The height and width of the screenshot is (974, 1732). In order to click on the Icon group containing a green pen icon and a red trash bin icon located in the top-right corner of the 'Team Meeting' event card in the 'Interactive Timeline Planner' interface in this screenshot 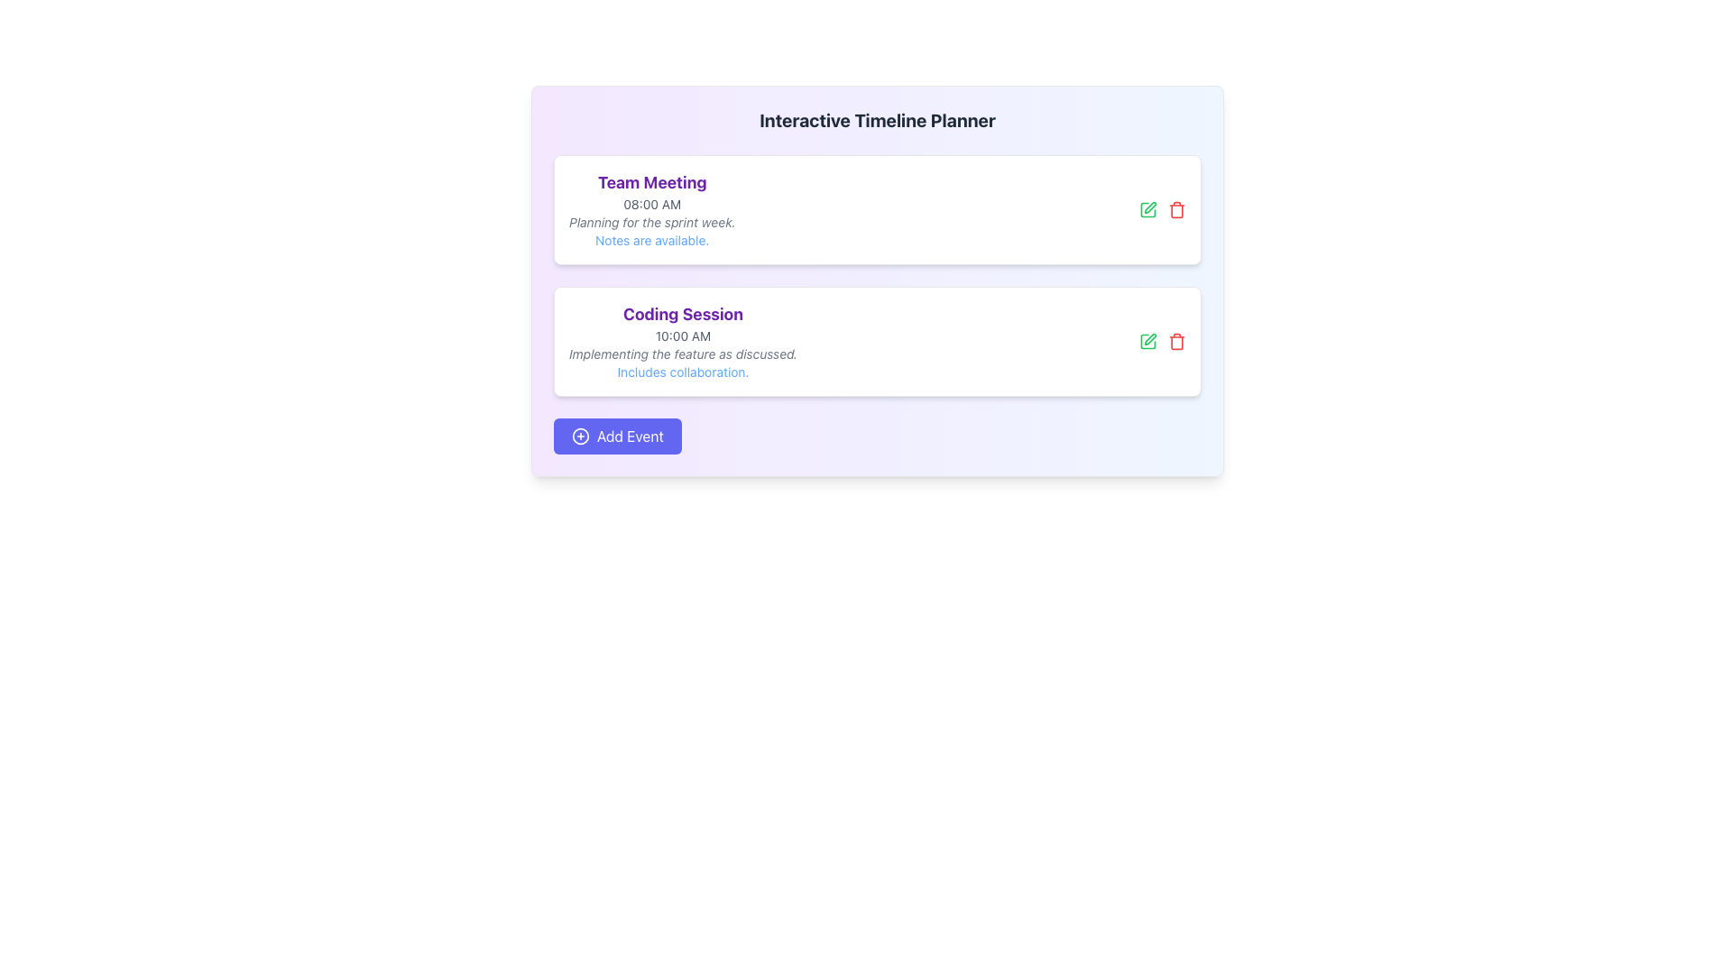, I will do `click(1163, 208)`.